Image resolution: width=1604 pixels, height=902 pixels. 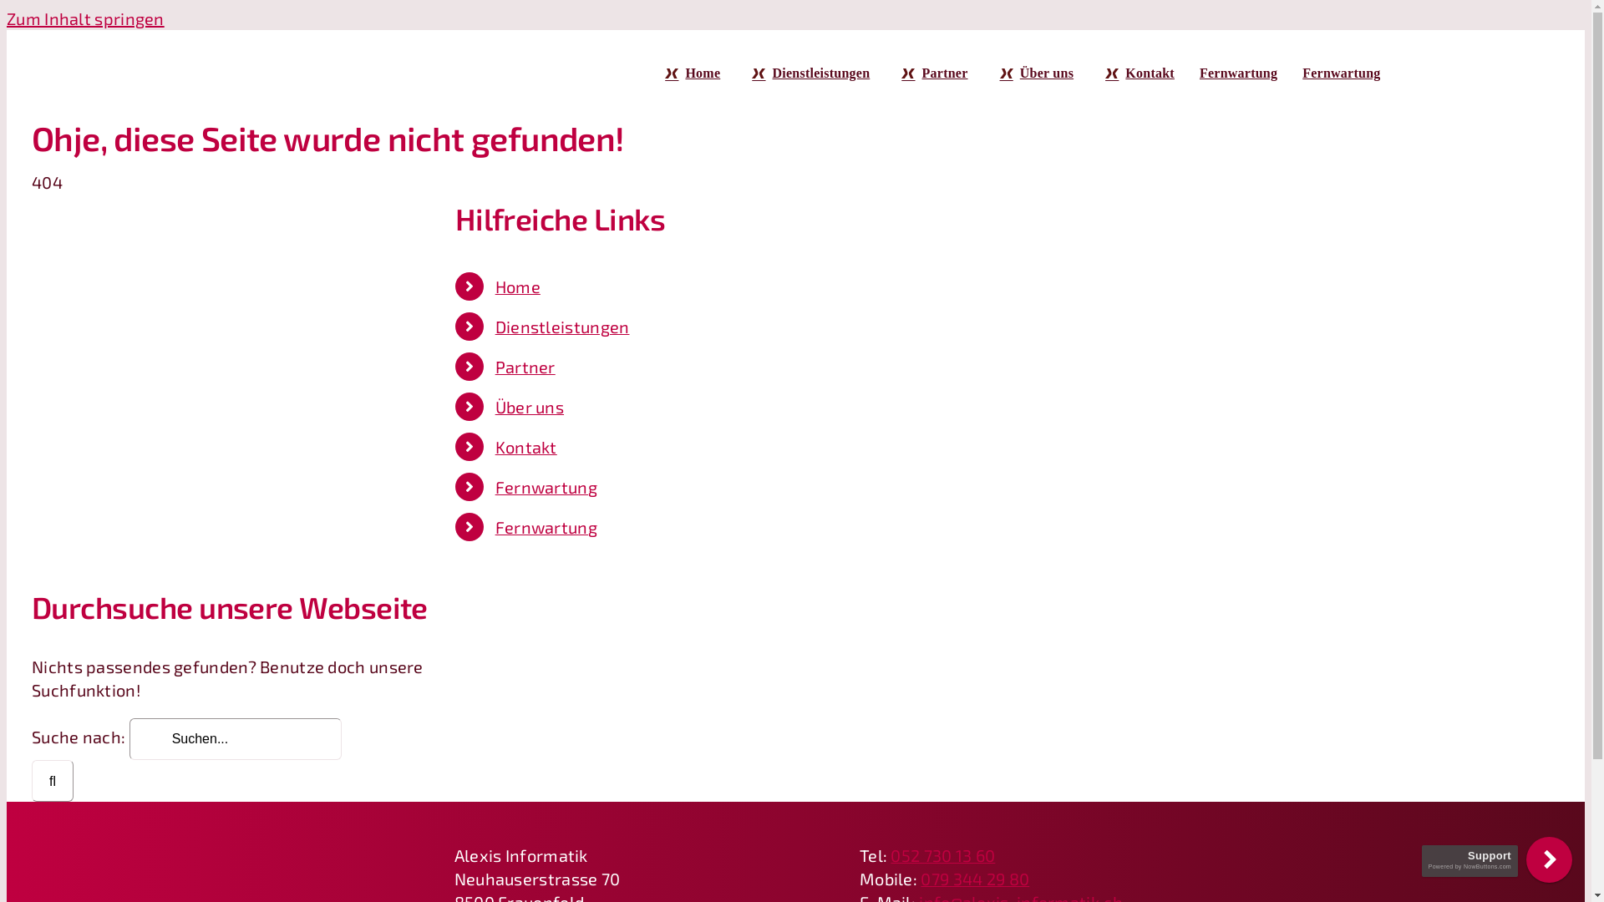 What do you see at coordinates (1136, 73) in the screenshot?
I see `'Kontakt'` at bounding box center [1136, 73].